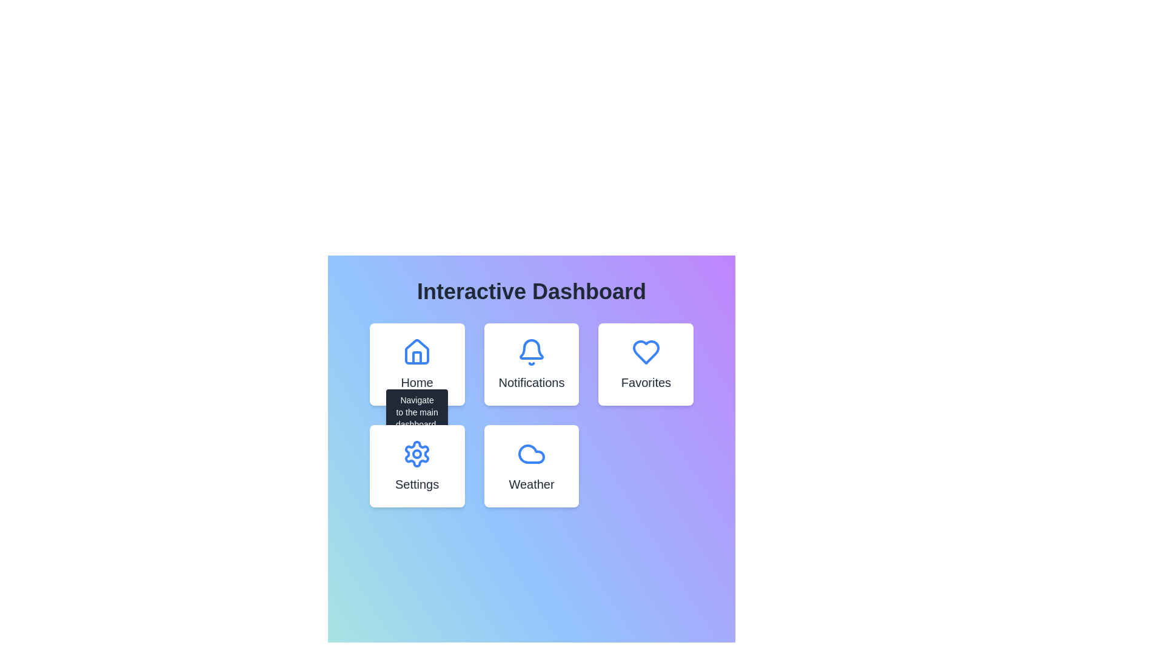  Describe the element at coordinates (532, 352) in the screenshot. I see `the blue bell-shaped icon located in the upper middle section of the dashboard interface` at that location.